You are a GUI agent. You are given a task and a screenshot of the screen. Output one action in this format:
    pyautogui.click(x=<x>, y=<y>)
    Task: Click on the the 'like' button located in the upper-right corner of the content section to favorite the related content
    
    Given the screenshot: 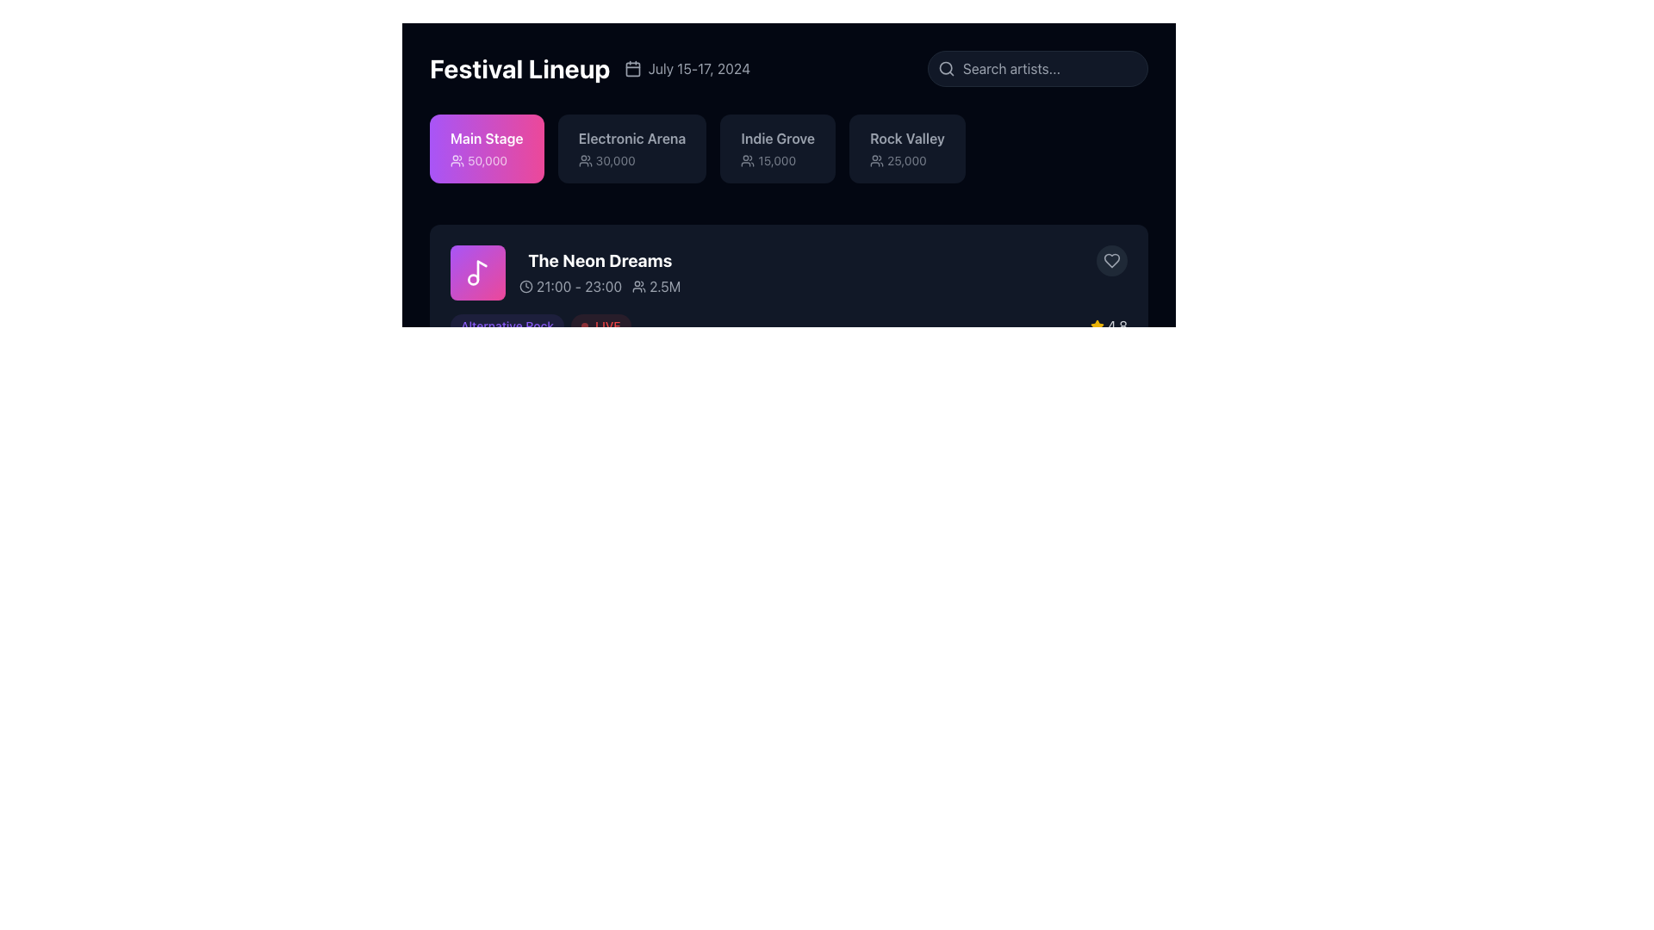 What is the action you would take?
    pyautogui.click(x=1112, y=261)
    